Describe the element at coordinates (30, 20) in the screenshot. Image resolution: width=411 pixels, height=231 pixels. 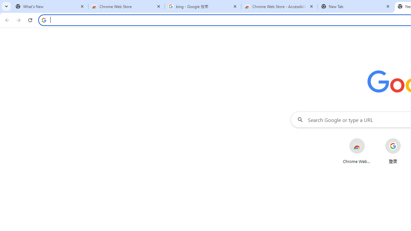
I see `'Reload'` at that location.